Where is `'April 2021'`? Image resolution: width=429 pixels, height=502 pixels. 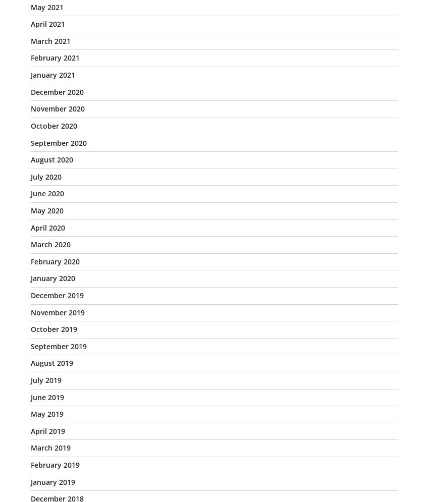 'April 2021' is located at coordinates (31, 23).